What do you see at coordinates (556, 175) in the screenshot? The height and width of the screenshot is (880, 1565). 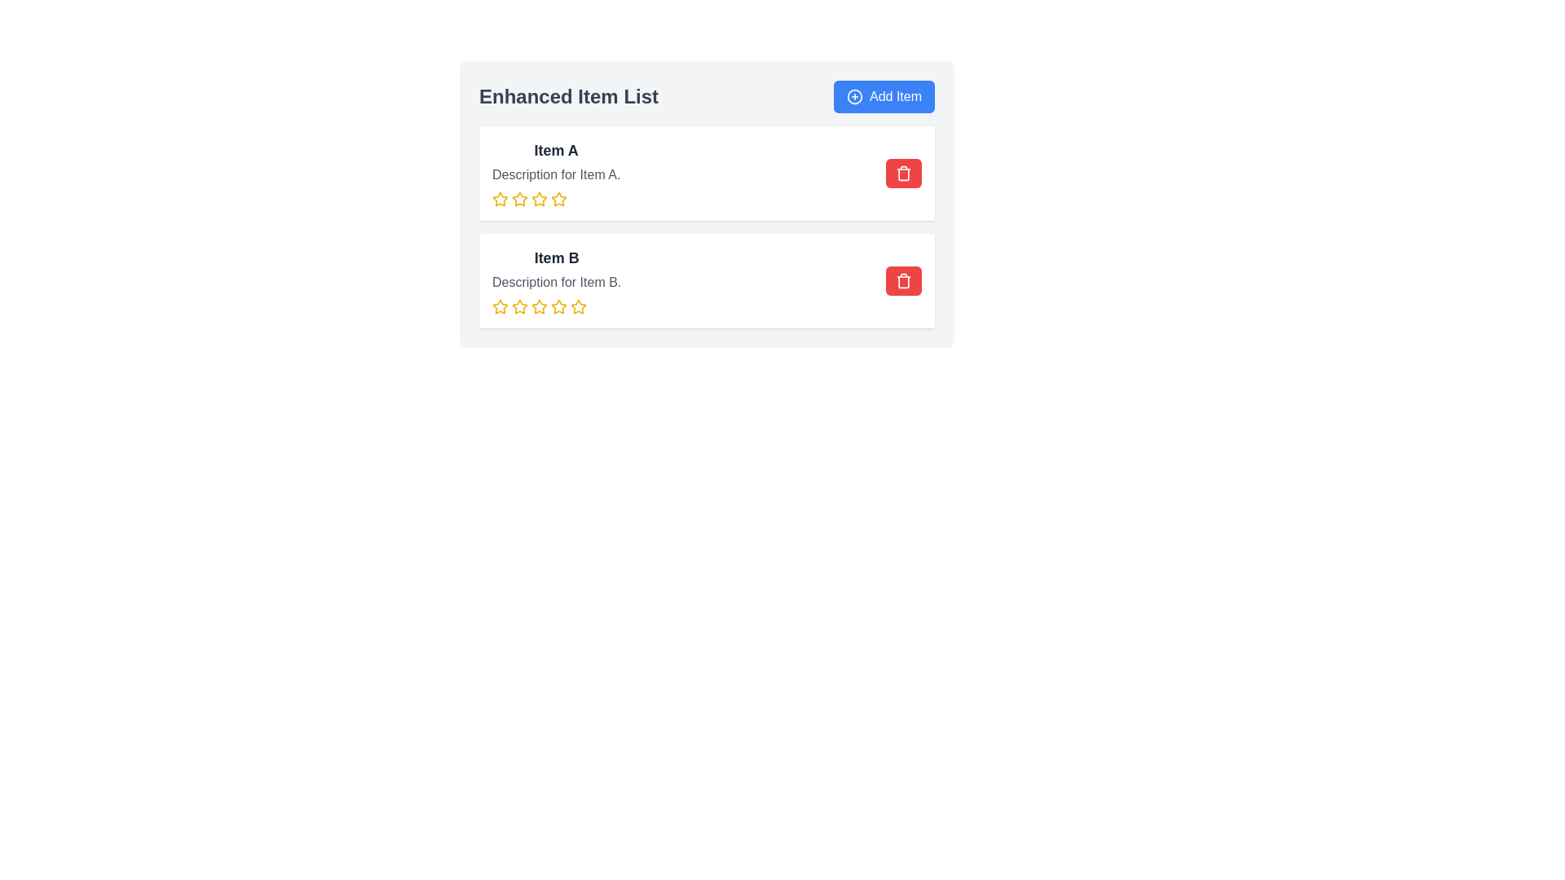 I see `the text label that provides additional details about Item A, positioned centrally below 'Item A' and above the row of star icons` at bounding box center [556, 175].